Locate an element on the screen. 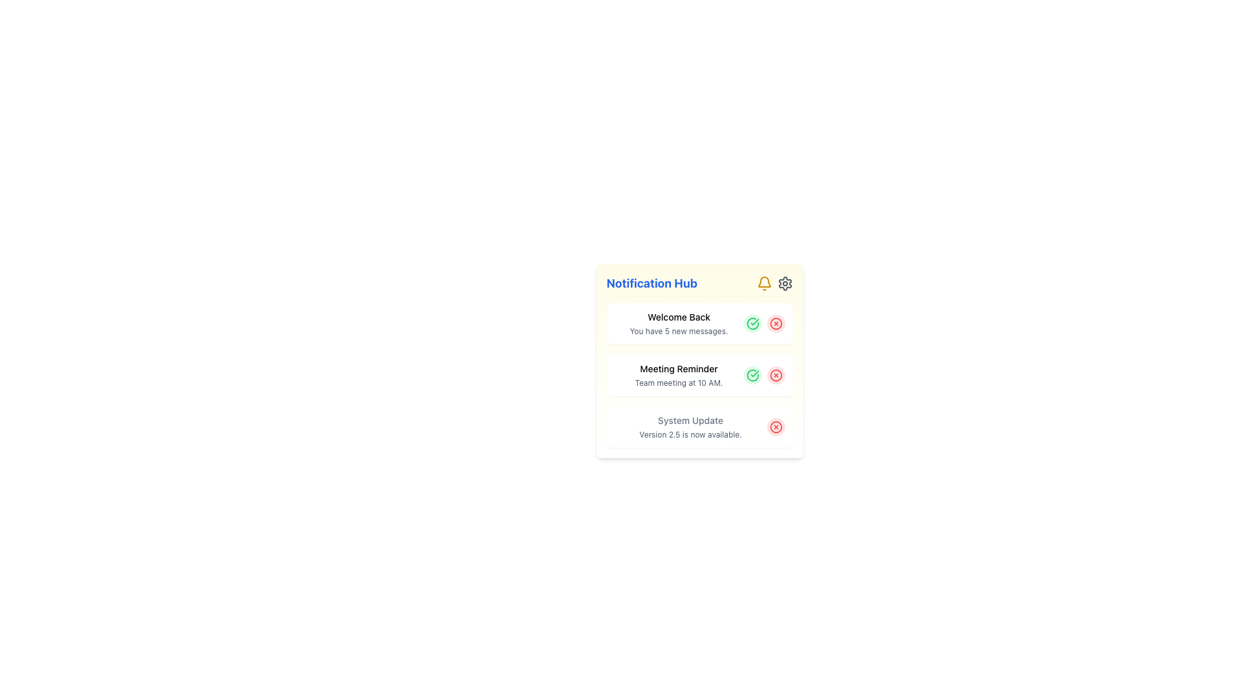 This screenshot has width=1241, height=698. the notification indicator icon located at the top-right corner of the interface, which serves to inform the user of pending alerts or messages is located at coordinates (764, 283).